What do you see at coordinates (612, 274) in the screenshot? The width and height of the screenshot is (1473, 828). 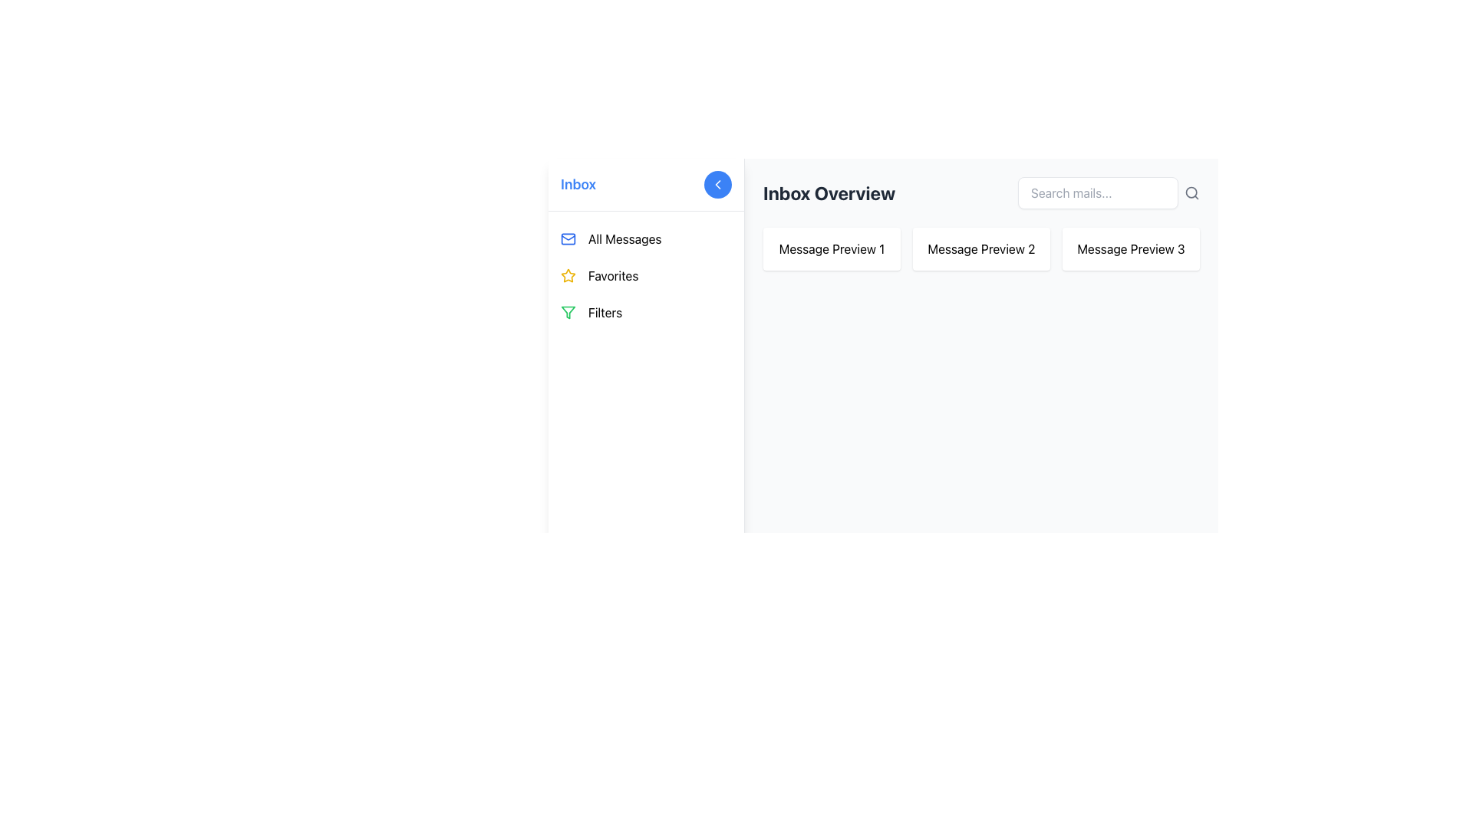 I see `the 'Favorites' text label in the navigation menu` at bounding box center [612, 274].